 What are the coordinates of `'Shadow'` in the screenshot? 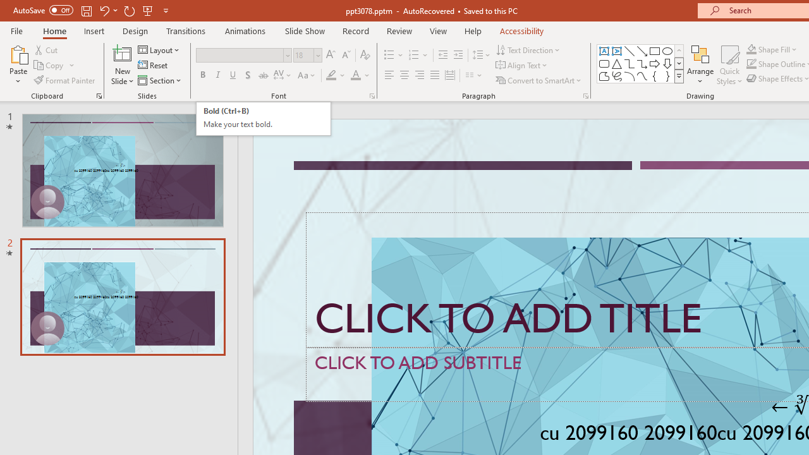 It's located at (248, 75).